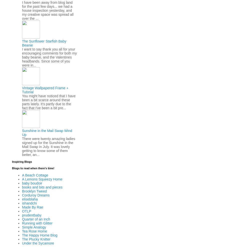 The height and width of the screenshot is (247, 252). Describe the element at coordinates (49, 57) in the screenshot. I see `'I want to say thank you all for your encouraging comments for both my baby beanie, and the Valentines headbands.   Since some of you were in...'` at that location.